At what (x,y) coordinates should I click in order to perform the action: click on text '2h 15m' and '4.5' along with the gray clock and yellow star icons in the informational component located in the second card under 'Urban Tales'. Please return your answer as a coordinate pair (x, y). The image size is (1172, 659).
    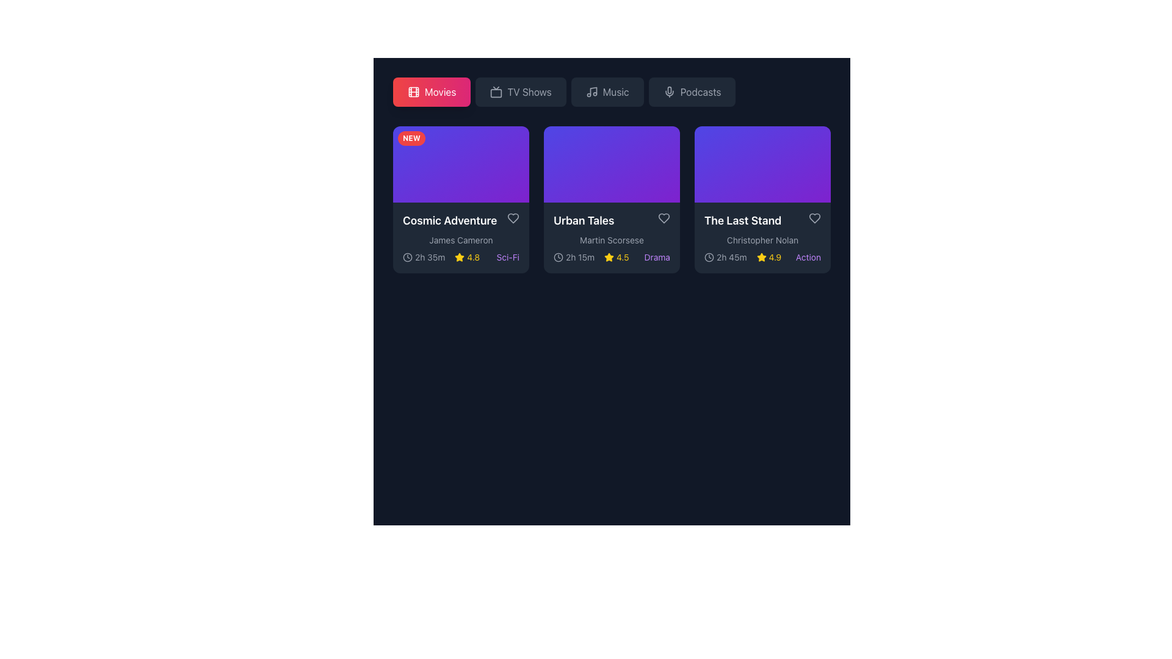
    Looking at the image, I should click on (591, 257).